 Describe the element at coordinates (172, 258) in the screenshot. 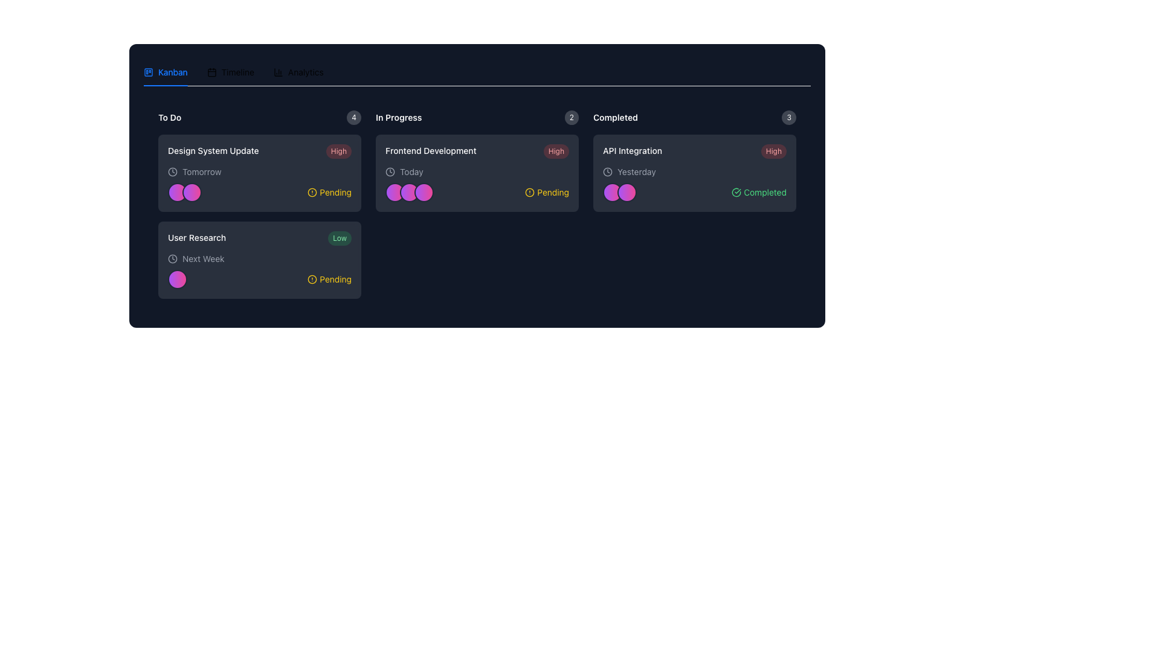

I see `the central circular clock face SVG element located under the 'To Do' section for the 'User Research' task` at that location.